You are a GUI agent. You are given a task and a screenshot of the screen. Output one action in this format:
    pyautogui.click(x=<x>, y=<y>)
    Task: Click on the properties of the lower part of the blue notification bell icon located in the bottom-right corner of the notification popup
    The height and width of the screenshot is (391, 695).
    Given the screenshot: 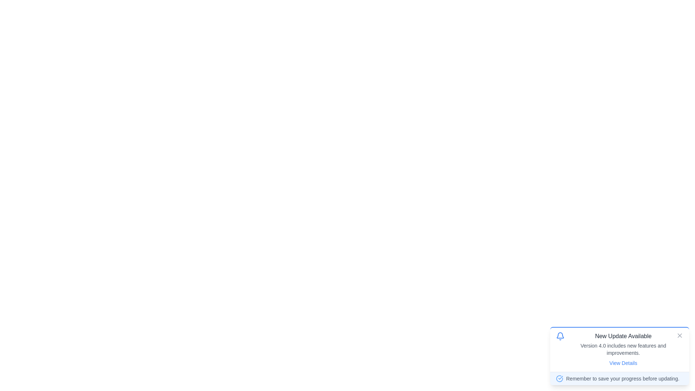 What is the action you would take?
    pyautogui.click(x=560, y=335)
    